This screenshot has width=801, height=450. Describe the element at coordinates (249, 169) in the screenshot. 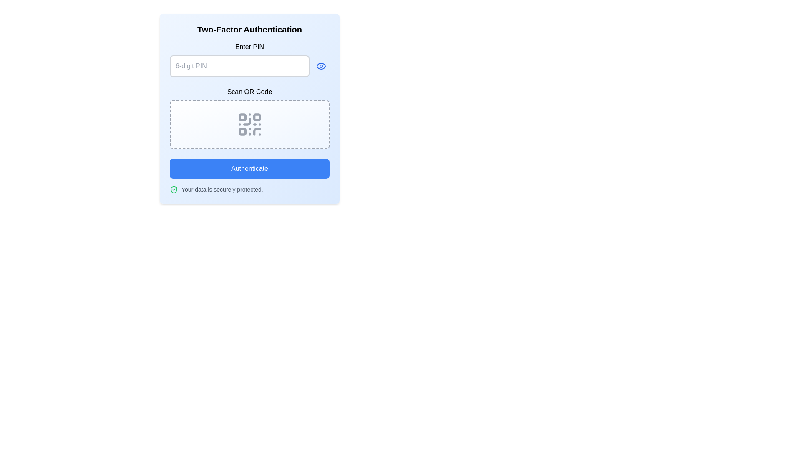

I see `the 'Authenticate' button` at that location.